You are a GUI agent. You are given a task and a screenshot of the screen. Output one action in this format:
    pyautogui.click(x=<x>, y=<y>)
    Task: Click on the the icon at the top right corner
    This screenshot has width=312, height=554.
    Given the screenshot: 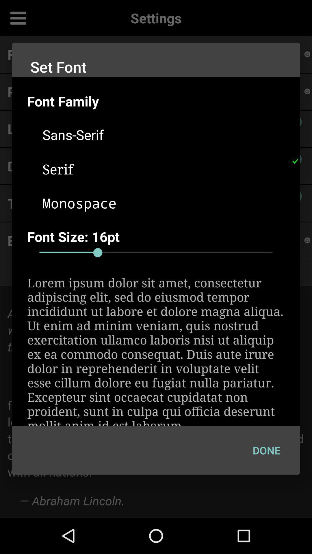 What is the action you would take?
    pyautogui.click(x=295, y=161)
    